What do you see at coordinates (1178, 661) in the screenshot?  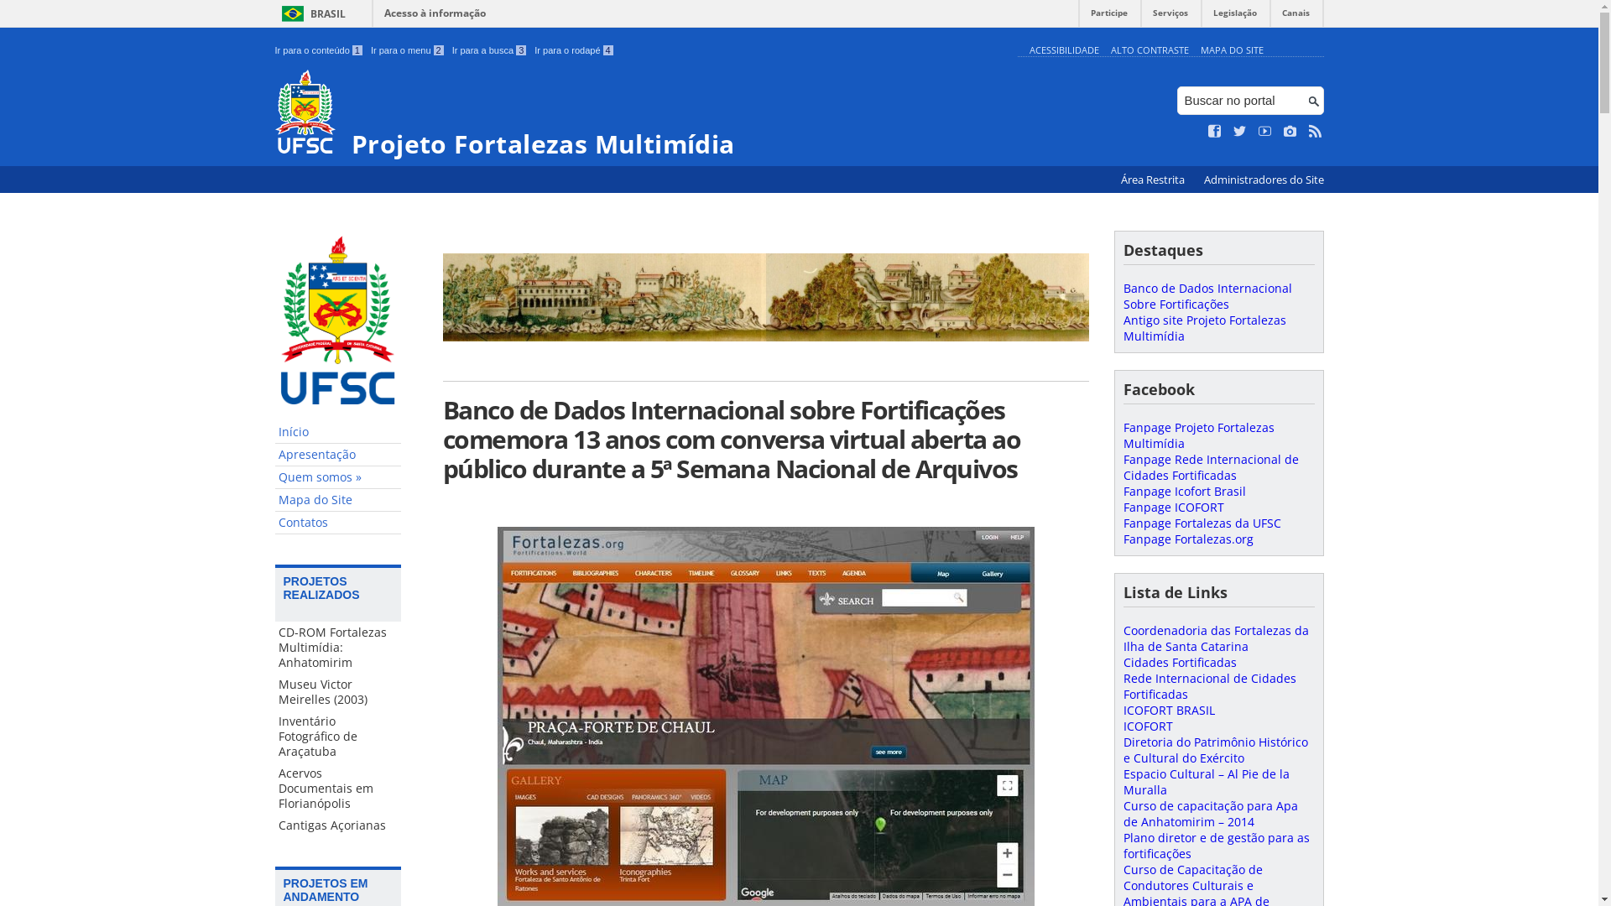 I see `'Cidades Fortificadas'` at bounding box center [1178, 661].